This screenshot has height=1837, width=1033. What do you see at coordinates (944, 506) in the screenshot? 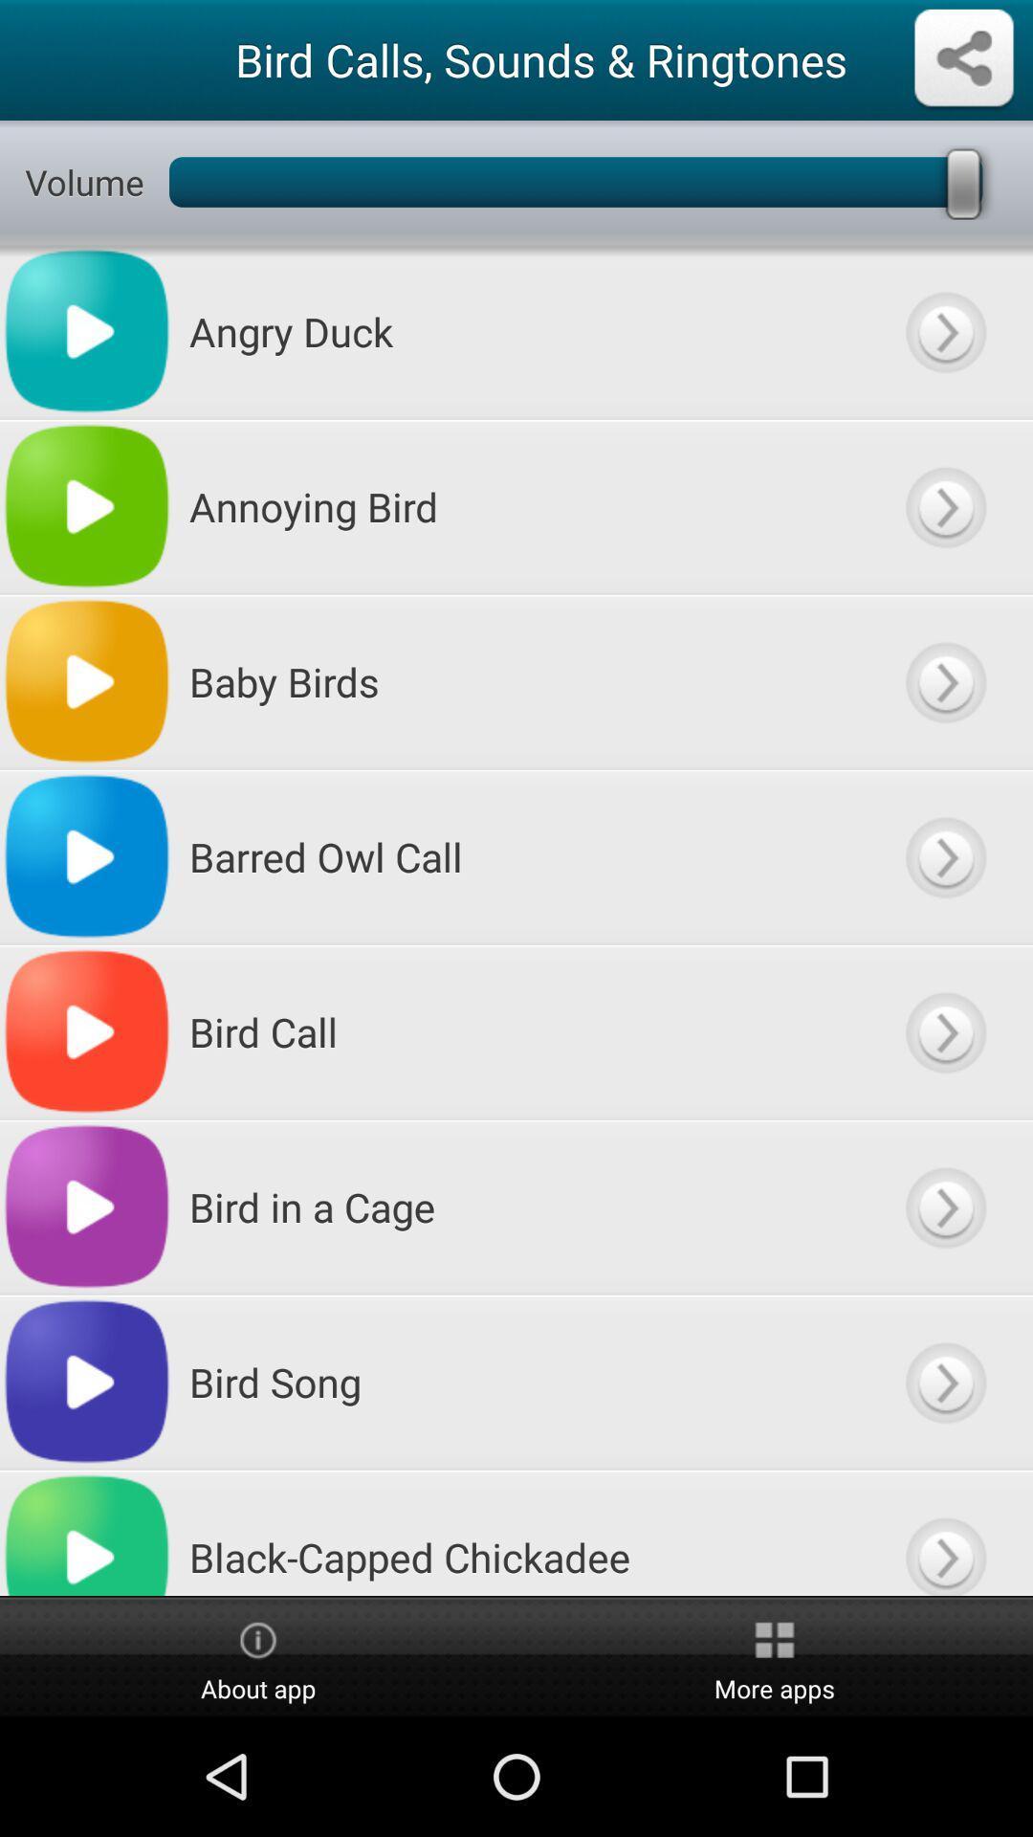
I see `listen annoying bird` at bounding box center [944, 506].